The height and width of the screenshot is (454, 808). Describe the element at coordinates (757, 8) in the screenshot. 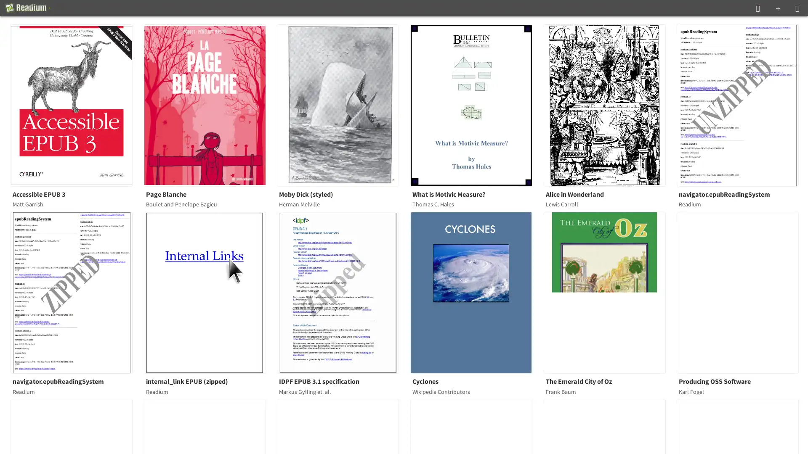

I see `List View` at that location.